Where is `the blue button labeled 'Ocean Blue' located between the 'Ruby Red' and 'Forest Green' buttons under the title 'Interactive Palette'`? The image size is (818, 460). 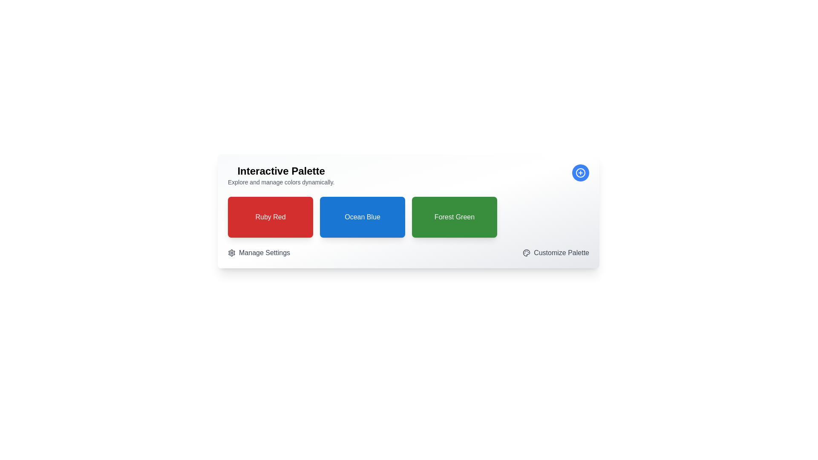 the blue button labeled 'Ocean Blue' located between the 'Ruby Red' and 'Forest Green' buttons under the title 'Interactive Palette' is located at coordinates (362, 216).